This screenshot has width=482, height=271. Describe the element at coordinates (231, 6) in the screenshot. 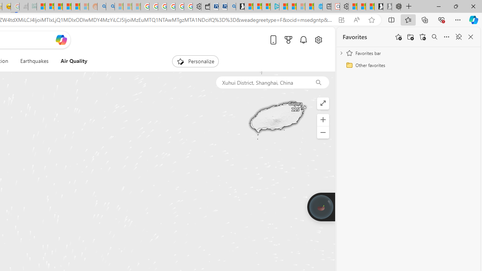

I see `'Bing Real Estate - Home sales and rental listings'` at that location.